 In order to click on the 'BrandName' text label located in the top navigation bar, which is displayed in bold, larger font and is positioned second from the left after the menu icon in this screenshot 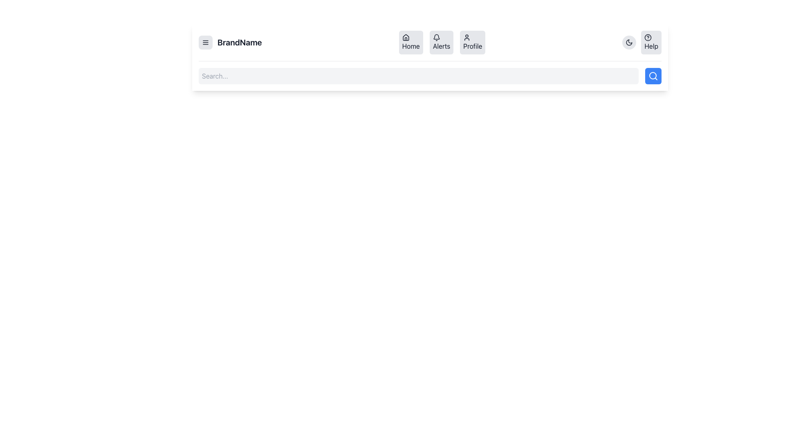, I will do `click(230, 43)`.